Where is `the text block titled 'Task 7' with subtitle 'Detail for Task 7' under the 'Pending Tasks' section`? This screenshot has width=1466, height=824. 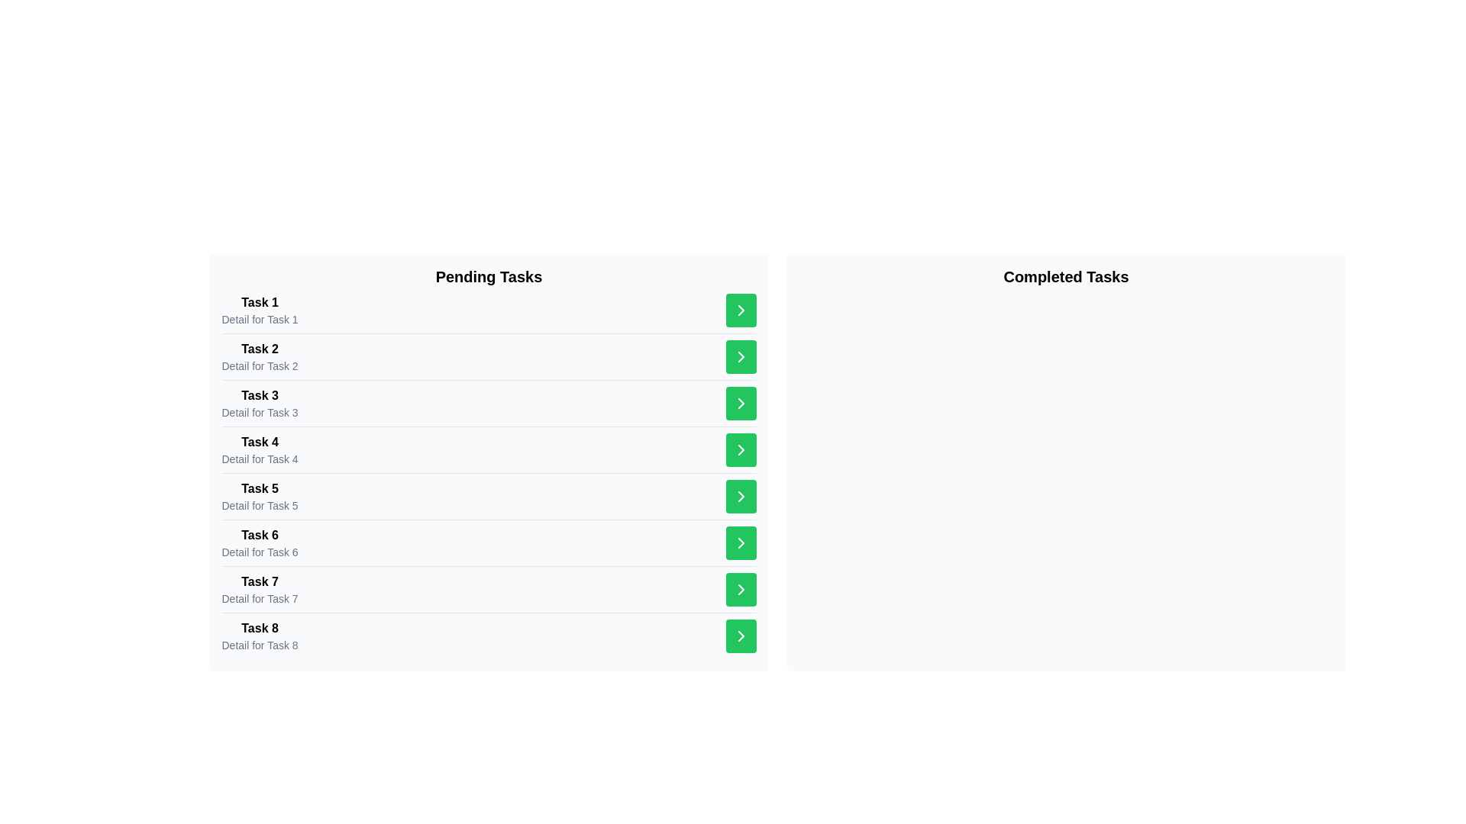 the text block titled 'Task 7' with subtitle 'Detail for Task 7' under the 'Pending Tasks' section is located at coordinates (260, 588).